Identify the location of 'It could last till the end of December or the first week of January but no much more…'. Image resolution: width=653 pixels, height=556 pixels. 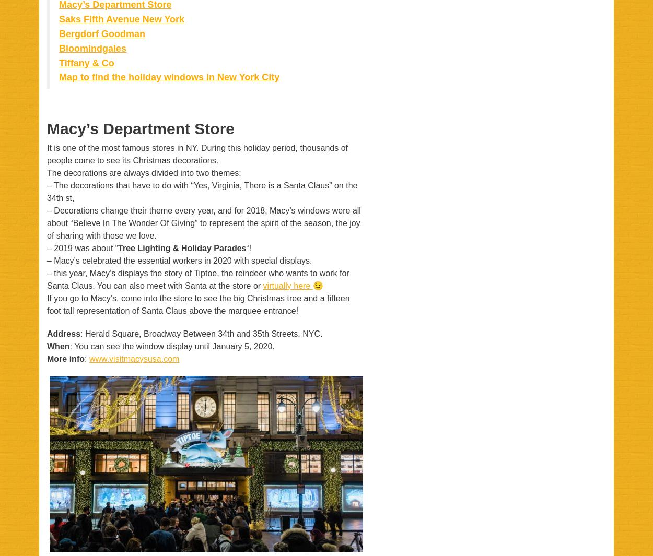
(185, 358).